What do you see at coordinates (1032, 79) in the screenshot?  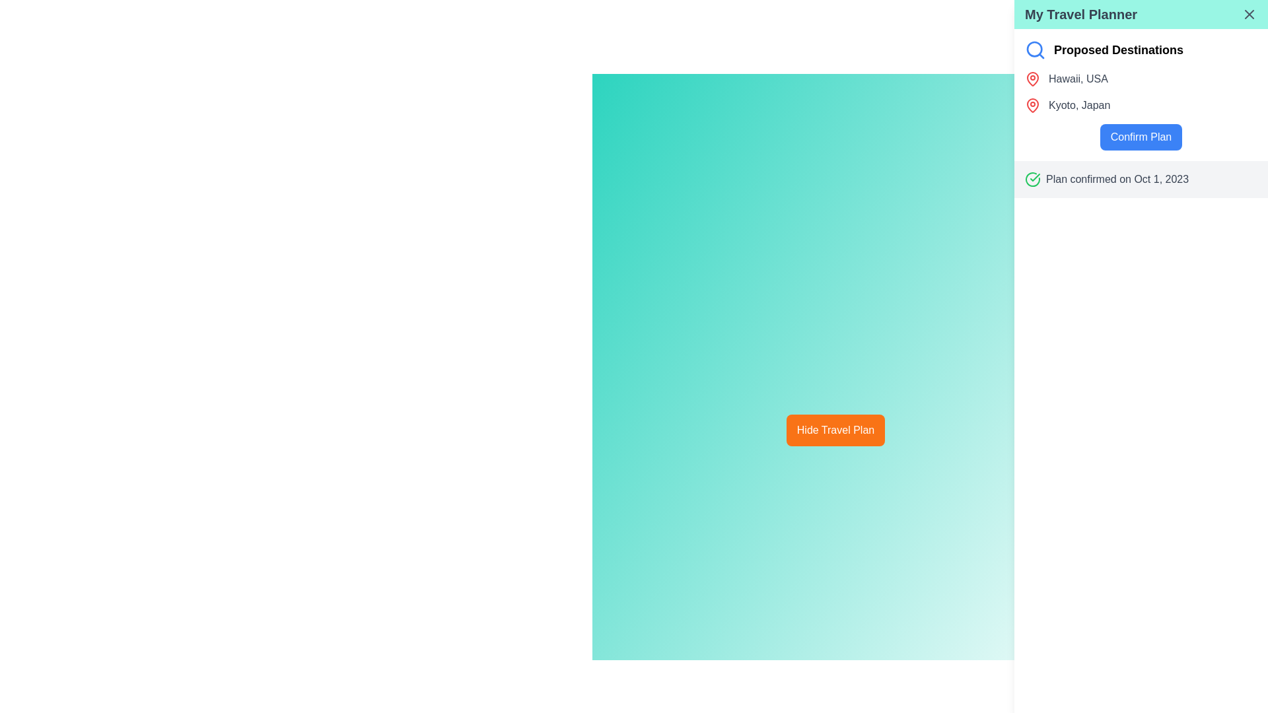 I see `the red map pin icon located to the left of the 'Hawaii, USA' label in the 'Proposed Destinations' section of the sidebar` at bounding box center [1032, 79].